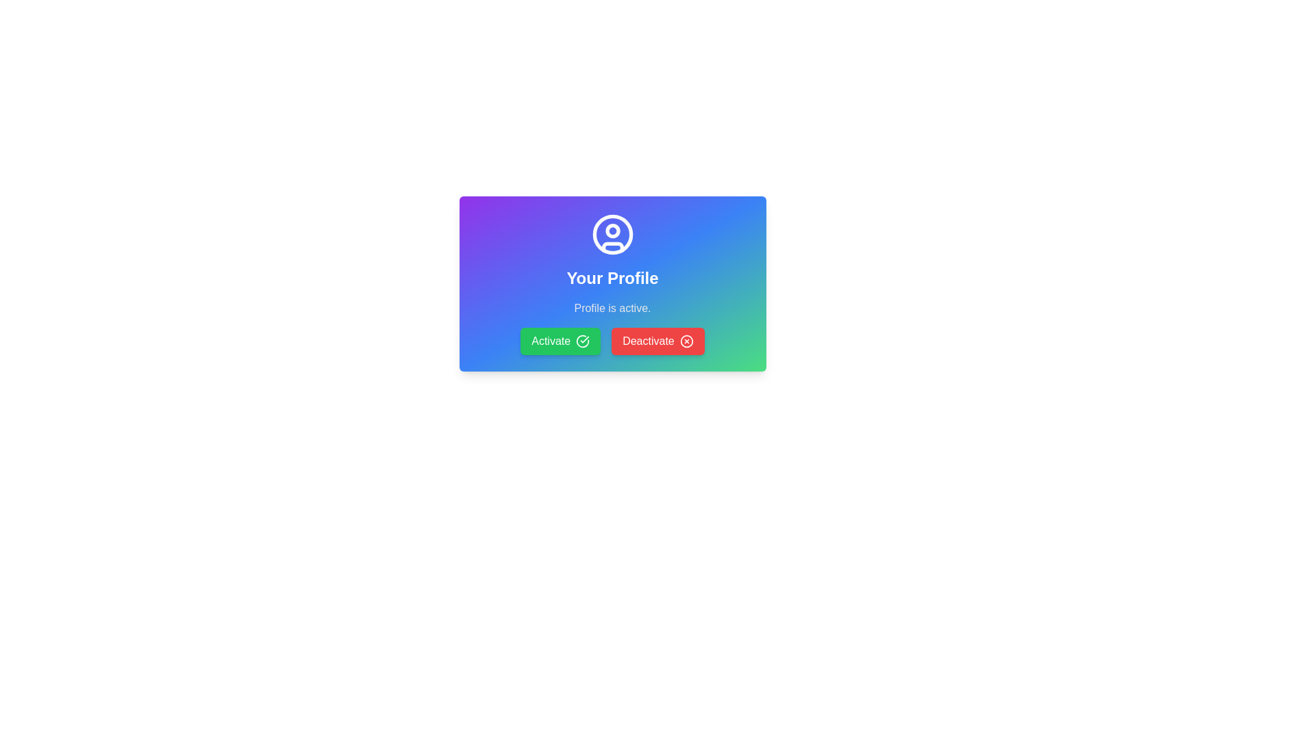 The image size is (1315, 739). I want to click on the second button in the horizontally arranged group of buttons, which is used, so click(657, 340).